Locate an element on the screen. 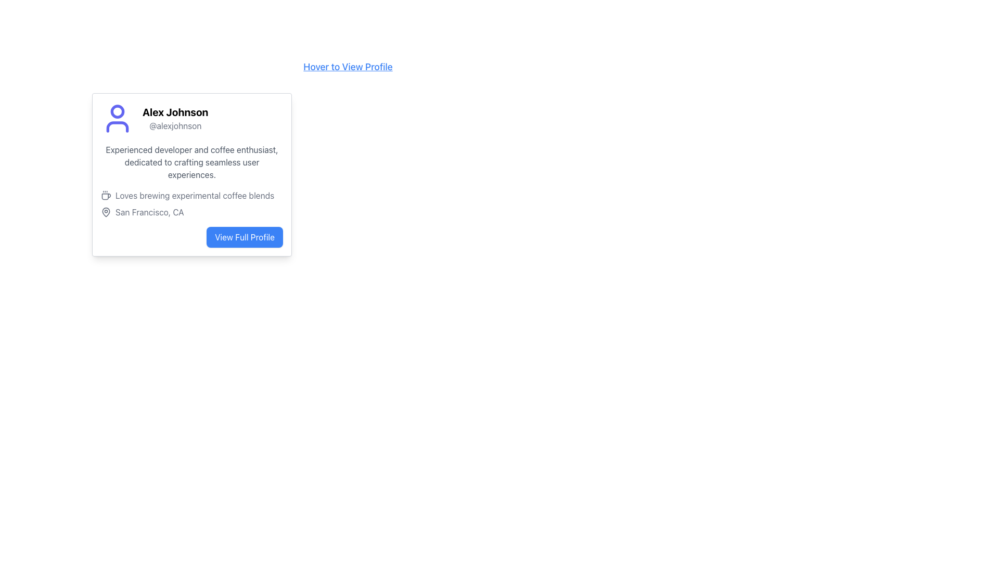 This screenshot has height=562, width=999. the text element that states 'Loves brewing experimental coffee blends' with a small icon on its left side, located below the biography segment and above the location description is located at coordinates (192, 195).